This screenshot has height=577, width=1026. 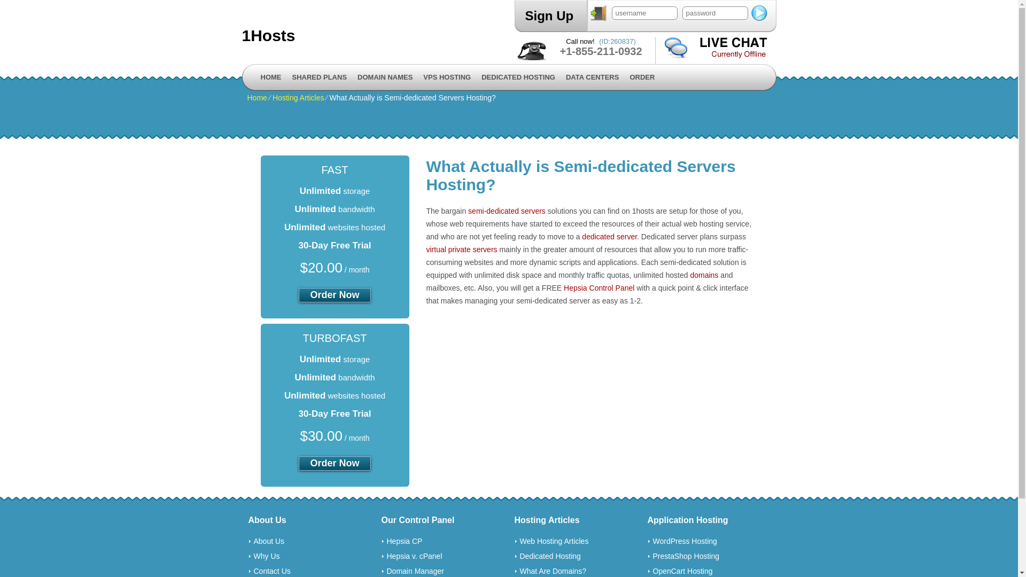 I want to click on 'ORDER', so click(x=641, y=77).